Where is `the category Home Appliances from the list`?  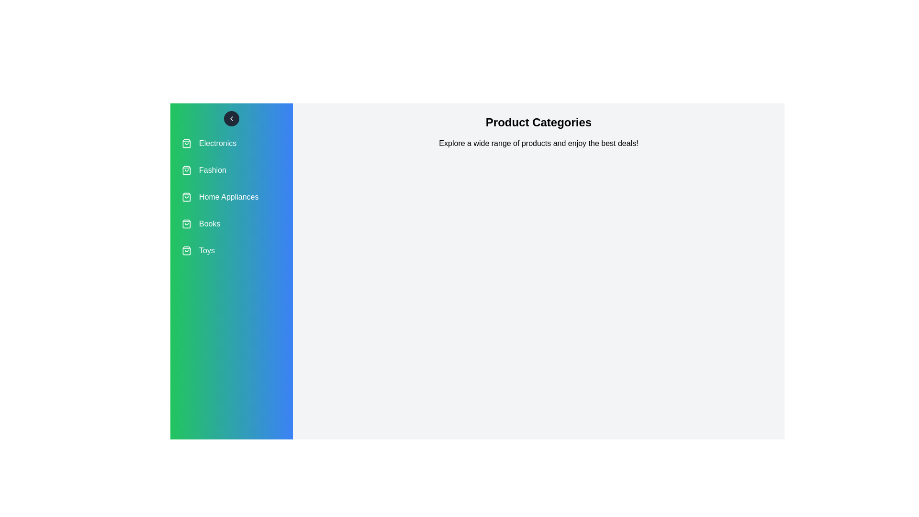 the category Home Appliances from the list is located at coordinates (232, 197).